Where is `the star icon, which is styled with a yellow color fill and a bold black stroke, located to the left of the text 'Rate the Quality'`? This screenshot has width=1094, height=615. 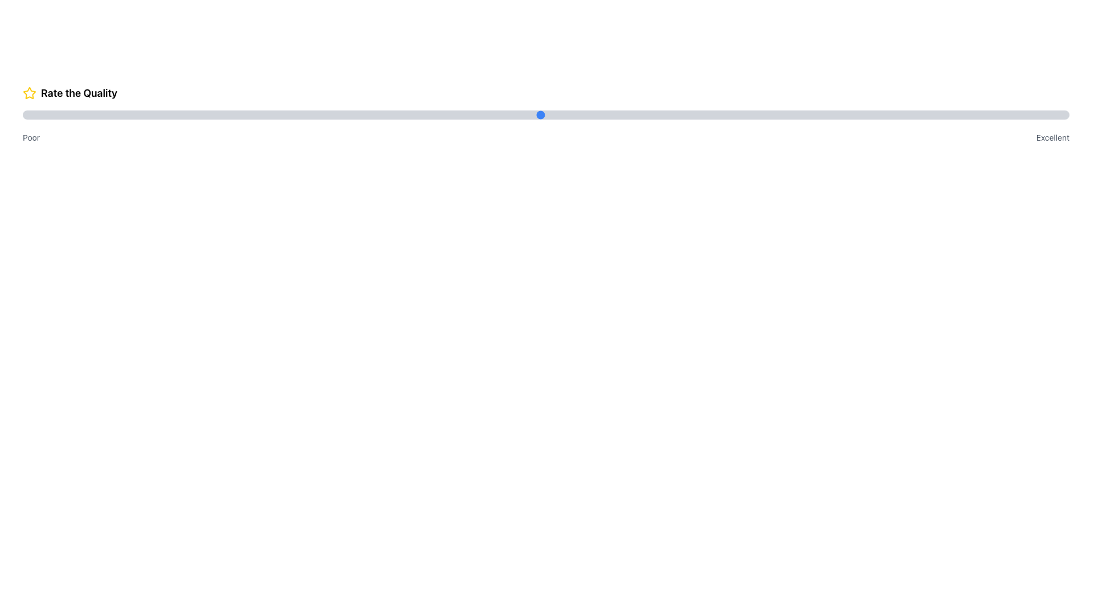 the star icon, which is styled with a yellow color fill and a bold black stroke, located to the left of the text 'Rate the Quality' is located at coordinates (30, 93).